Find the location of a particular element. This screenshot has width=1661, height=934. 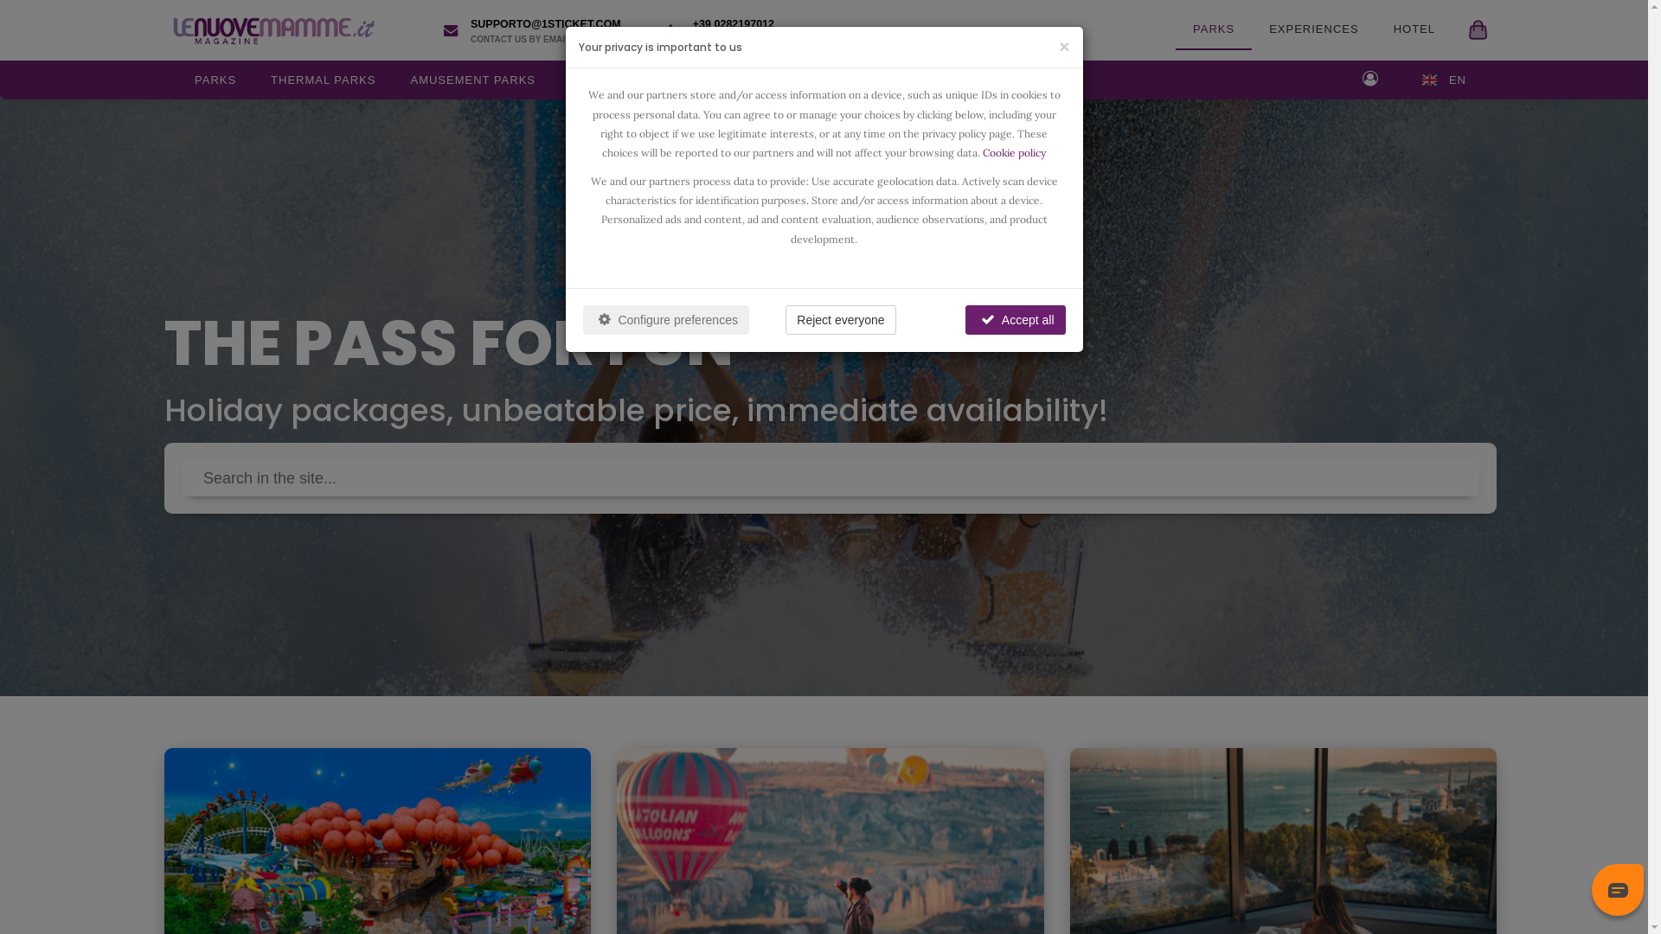

'   EN' is located at coordinates (1444, 80).